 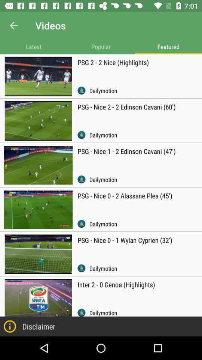 What do you see at coordinates (168, 46) in the screenshot?
I see `item above the psg 2 2 icon` at bounding box center [168, 46].